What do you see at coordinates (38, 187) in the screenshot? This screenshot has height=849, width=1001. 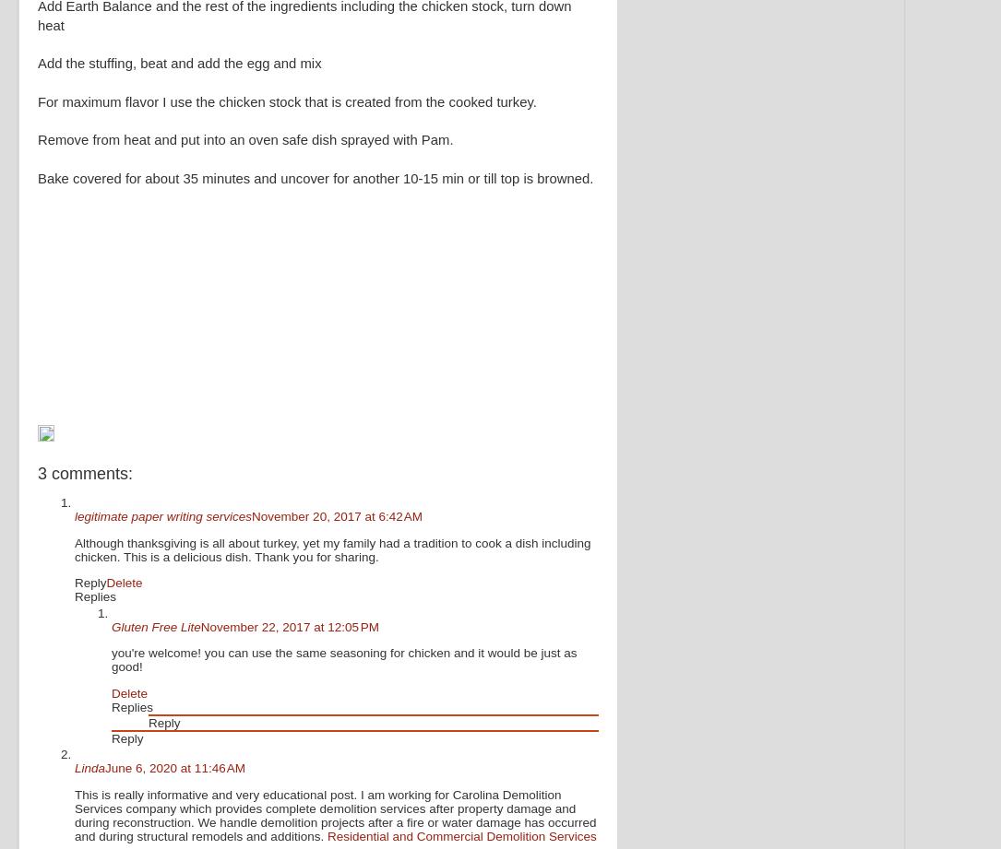 I see `'Bake covered for about 35 minutes and uncover for another 10-15 min or till top is browned.'` at bounding box center [38, 187].